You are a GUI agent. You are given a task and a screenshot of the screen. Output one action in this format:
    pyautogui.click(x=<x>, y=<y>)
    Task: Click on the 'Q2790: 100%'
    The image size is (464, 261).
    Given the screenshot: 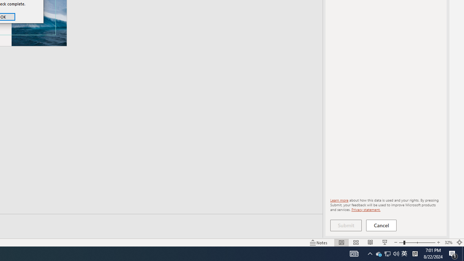 What is the action you would take?
    pyautogui.click(x=396, y=253)
    